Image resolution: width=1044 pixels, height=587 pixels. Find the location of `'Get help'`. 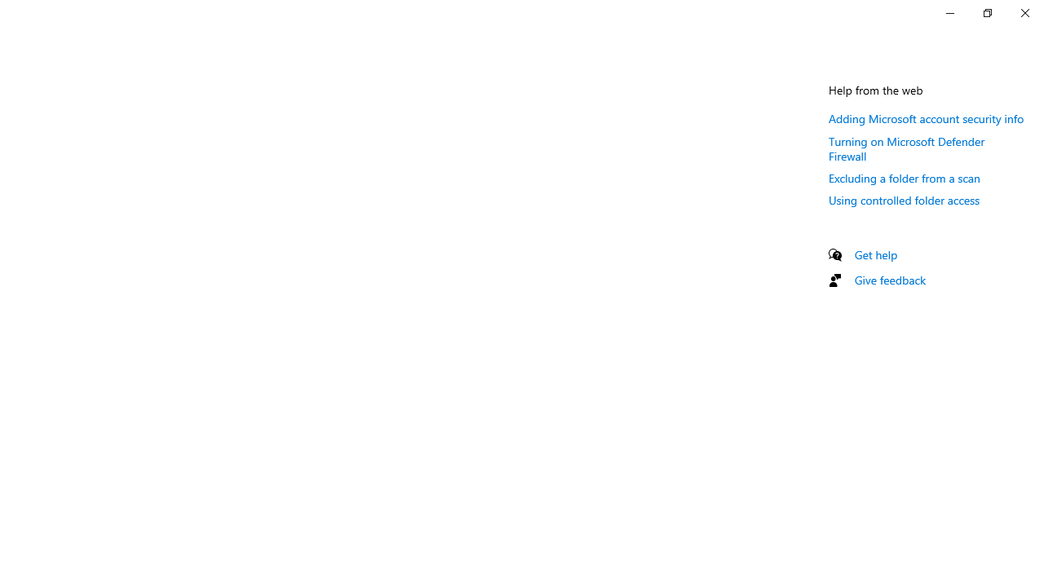

'Get help' is located at coordinates (875, 254).